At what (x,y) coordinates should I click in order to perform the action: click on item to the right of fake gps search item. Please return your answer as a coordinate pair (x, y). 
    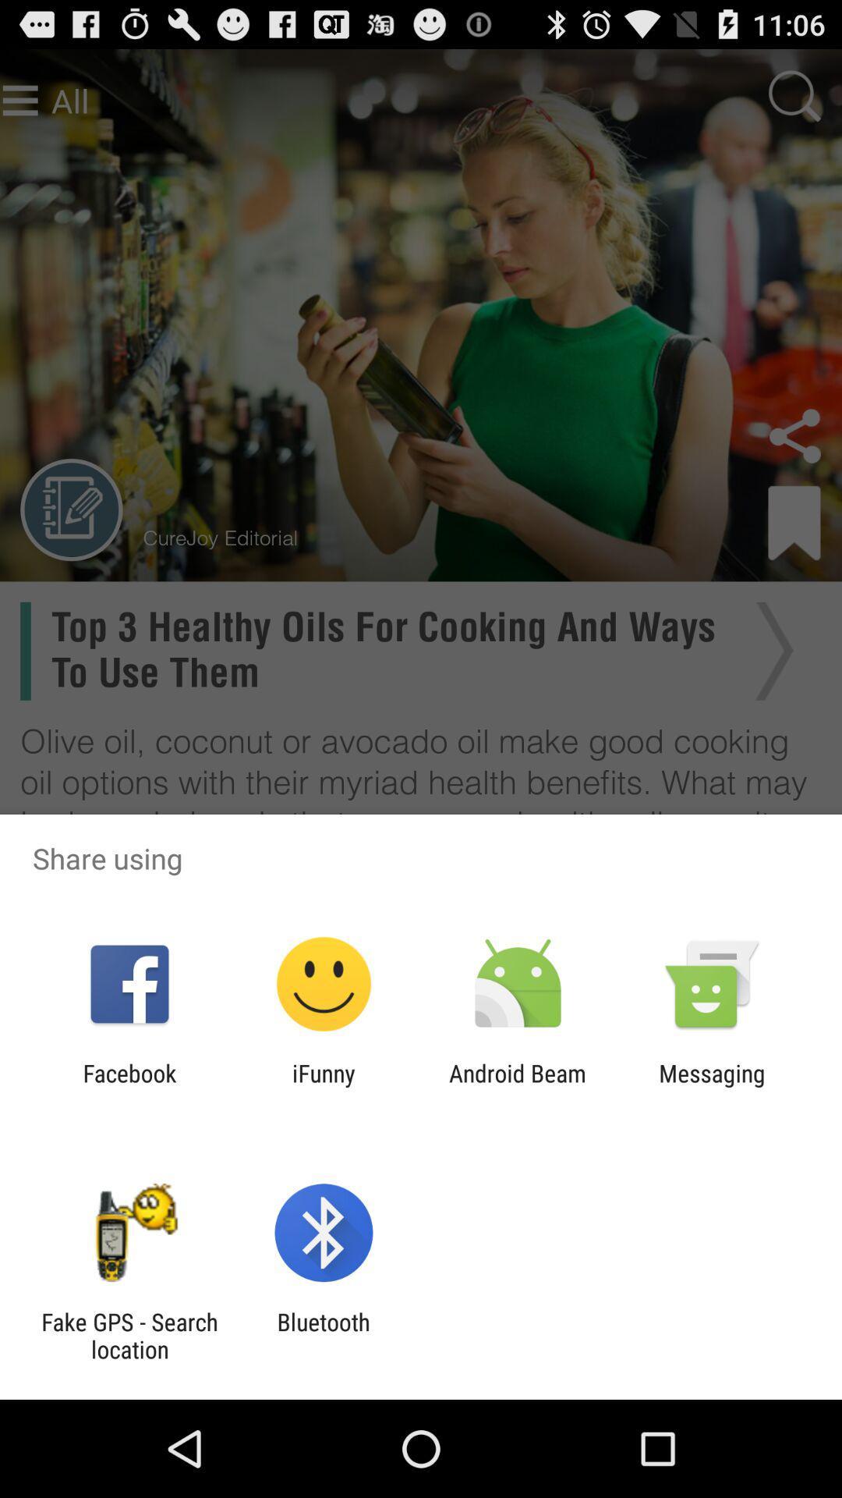
    Looking at the image, I should click on (323, 1335).